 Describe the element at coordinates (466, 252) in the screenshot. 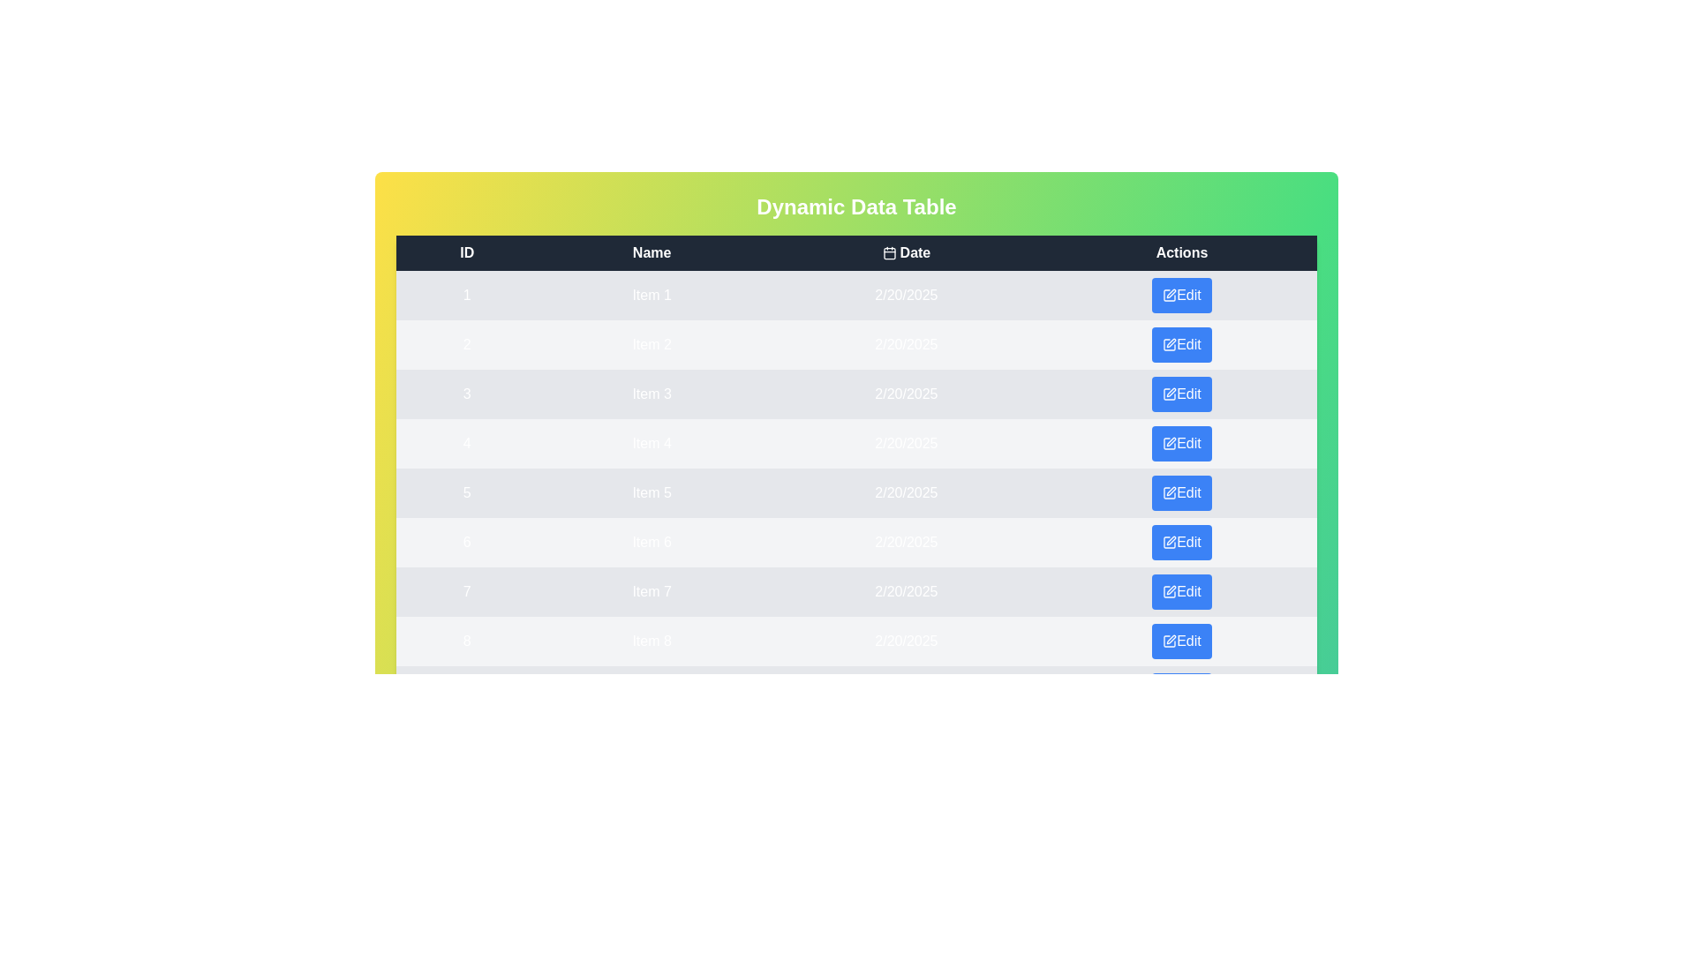

I see `the header to sort the column by ID` at that location.